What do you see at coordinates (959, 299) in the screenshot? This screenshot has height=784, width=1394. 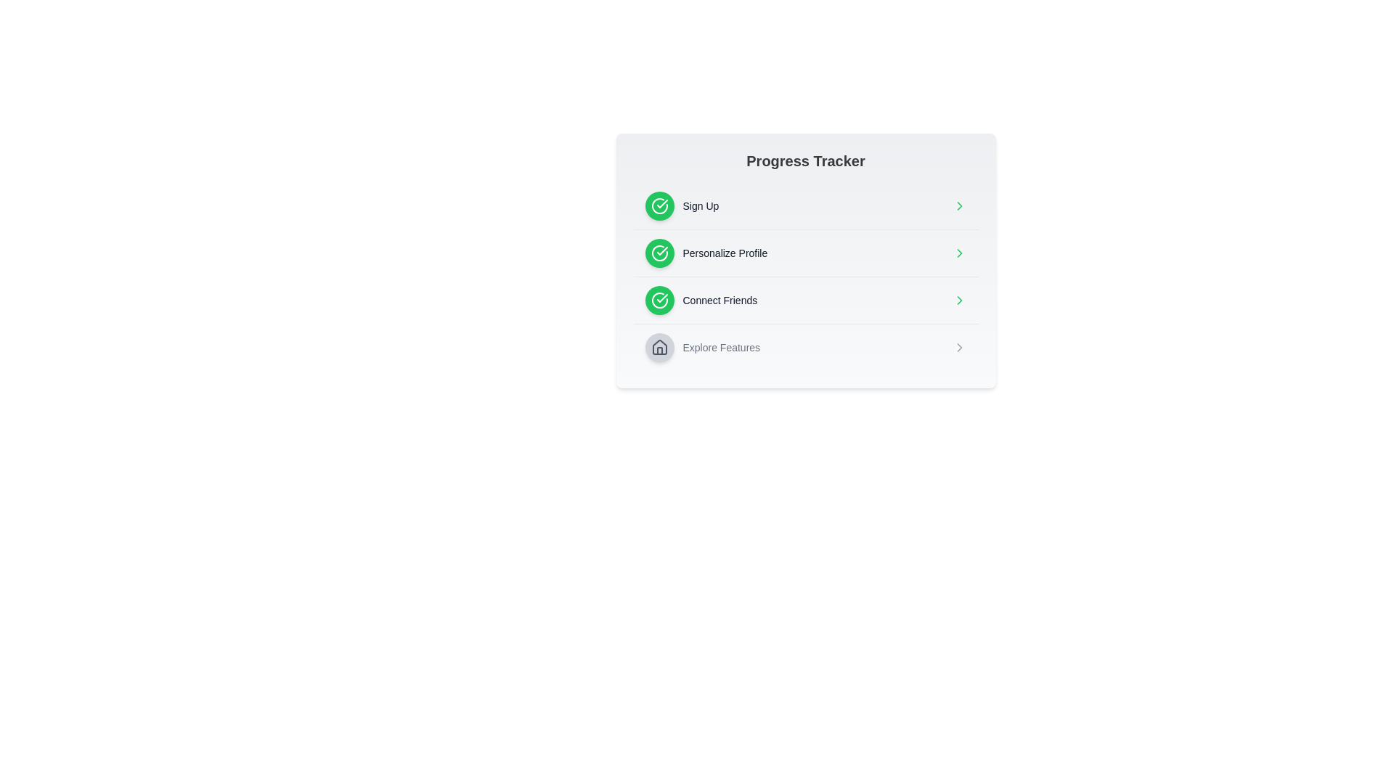 I see `the navigation icon located at the far right of the 'Connect Friends' row to trigger the next step or detailed view` at bounding box center [959, 299].